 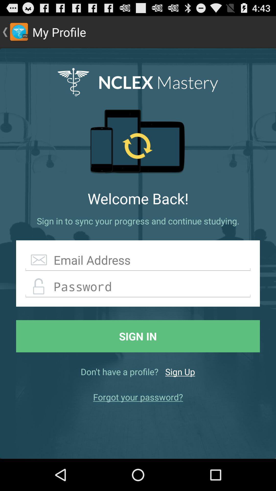 What do you see at coordinates (138, 260) in the screenshot?
I see `email address here` at bounding box center [138, 260].